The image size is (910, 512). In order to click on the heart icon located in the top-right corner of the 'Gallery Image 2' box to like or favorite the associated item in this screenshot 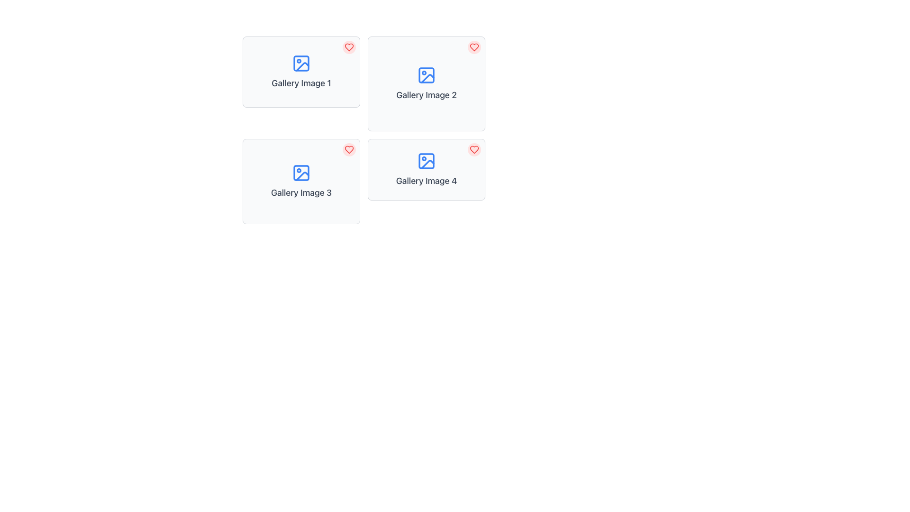, I will do `click(474, 47)`.